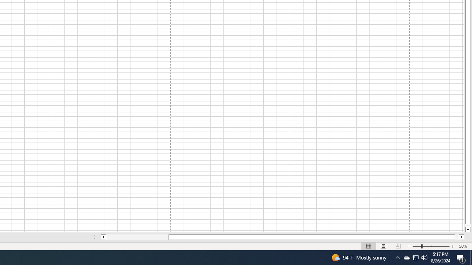  Describe the element at coordinates (461, 237) in the screenshot. I see `'Column right'` at that location.